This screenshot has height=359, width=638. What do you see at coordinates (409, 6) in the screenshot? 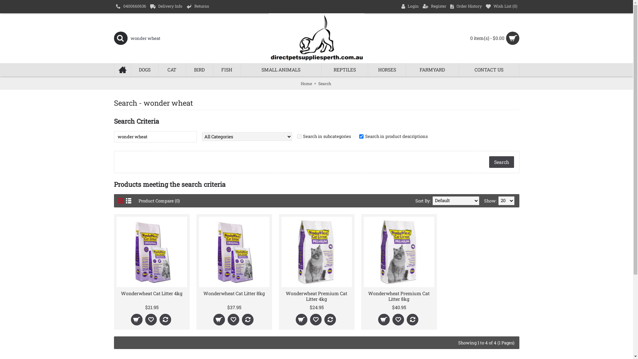
I see `'Login'` at bounding box center [409, 6].